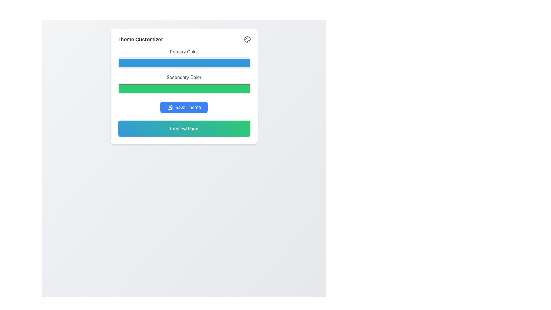 The width and height of the screenshot is (551, 310). What do you see at coordinates (170, 107) in the screenshot?
I see `the save icon located on the left side of the 'Save Theme' button` at bounding box center [170, 107].